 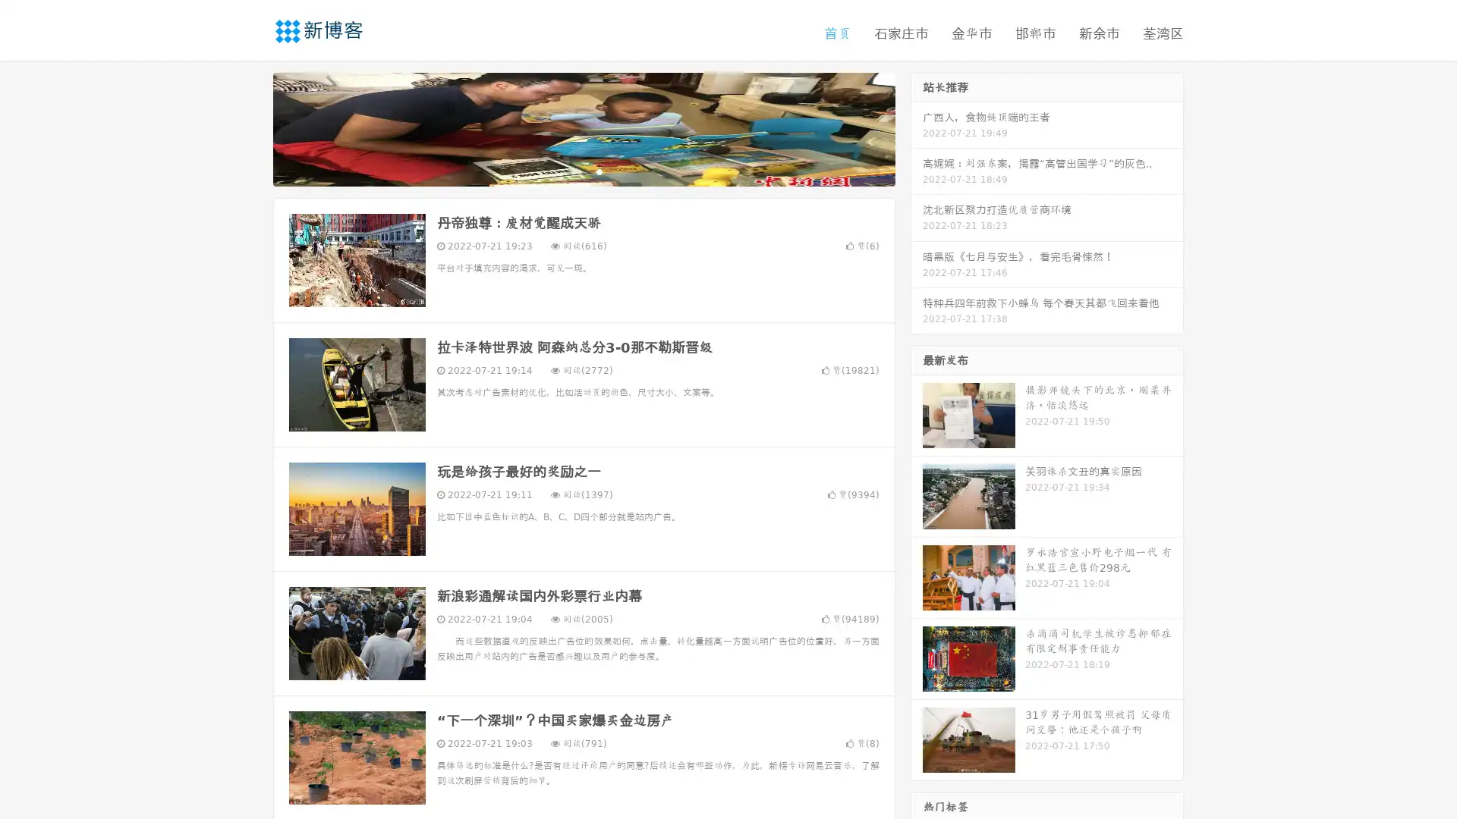 I want to click on Go to slide 2, so click(x=583, y=171).